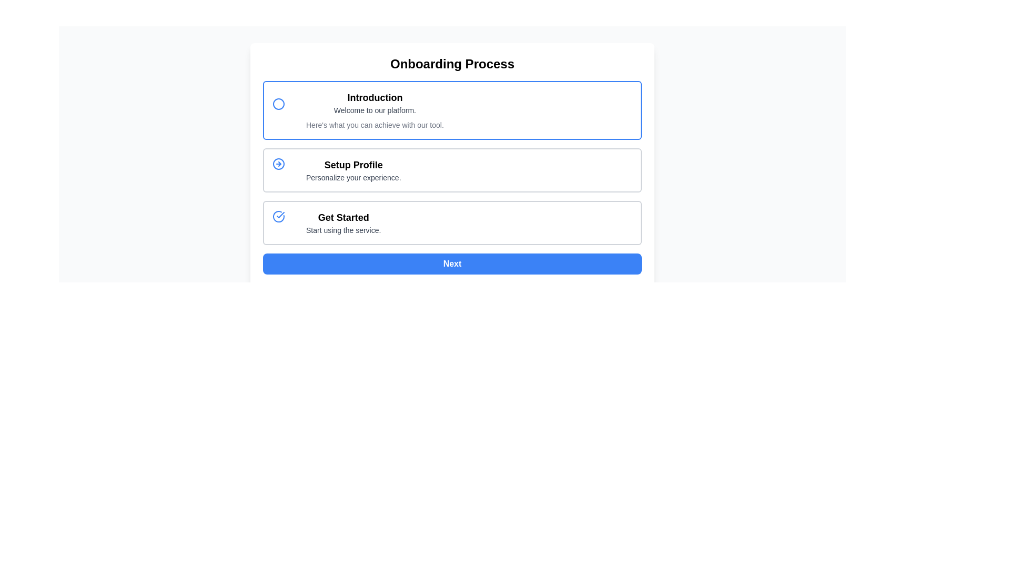 The width and height of the screenshot is (1010, 568). I want to click on the informational section that guides the user towards setting up their profile, located between the 'Introduction' and 'Get Started' sections, so click(452, 170).